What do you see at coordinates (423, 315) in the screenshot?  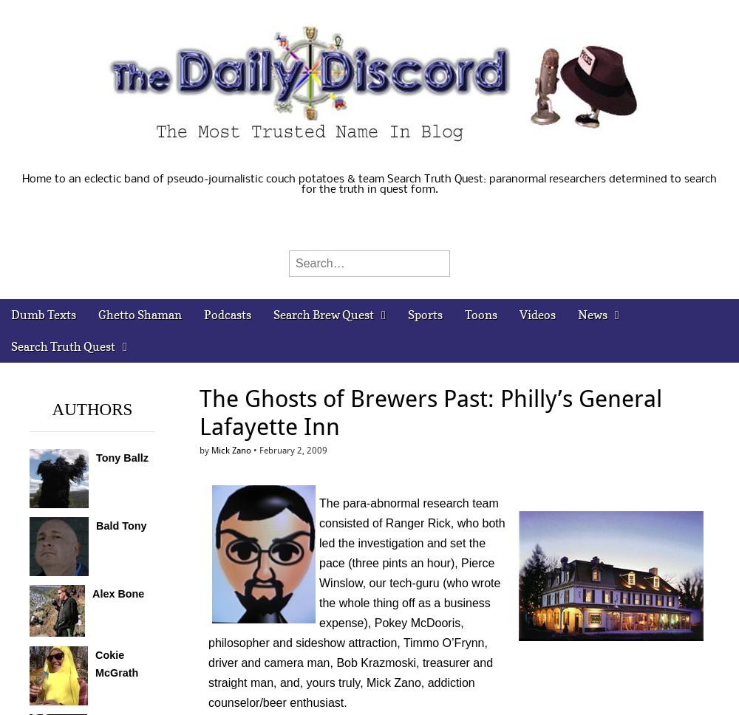 I see `'Sports'` at bounding box center [423, 315].